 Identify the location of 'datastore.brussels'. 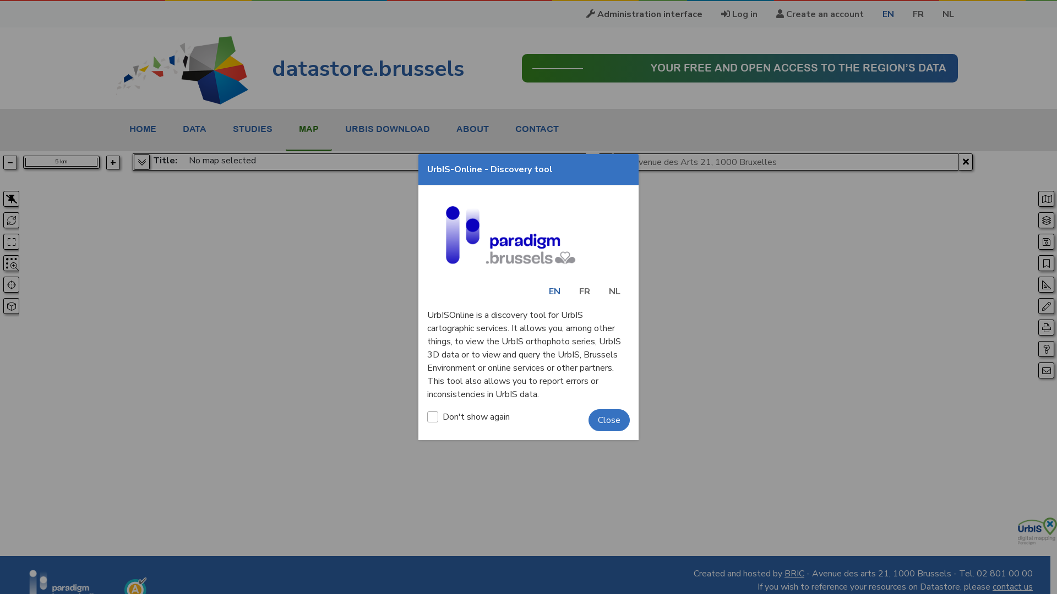
(290, 68).